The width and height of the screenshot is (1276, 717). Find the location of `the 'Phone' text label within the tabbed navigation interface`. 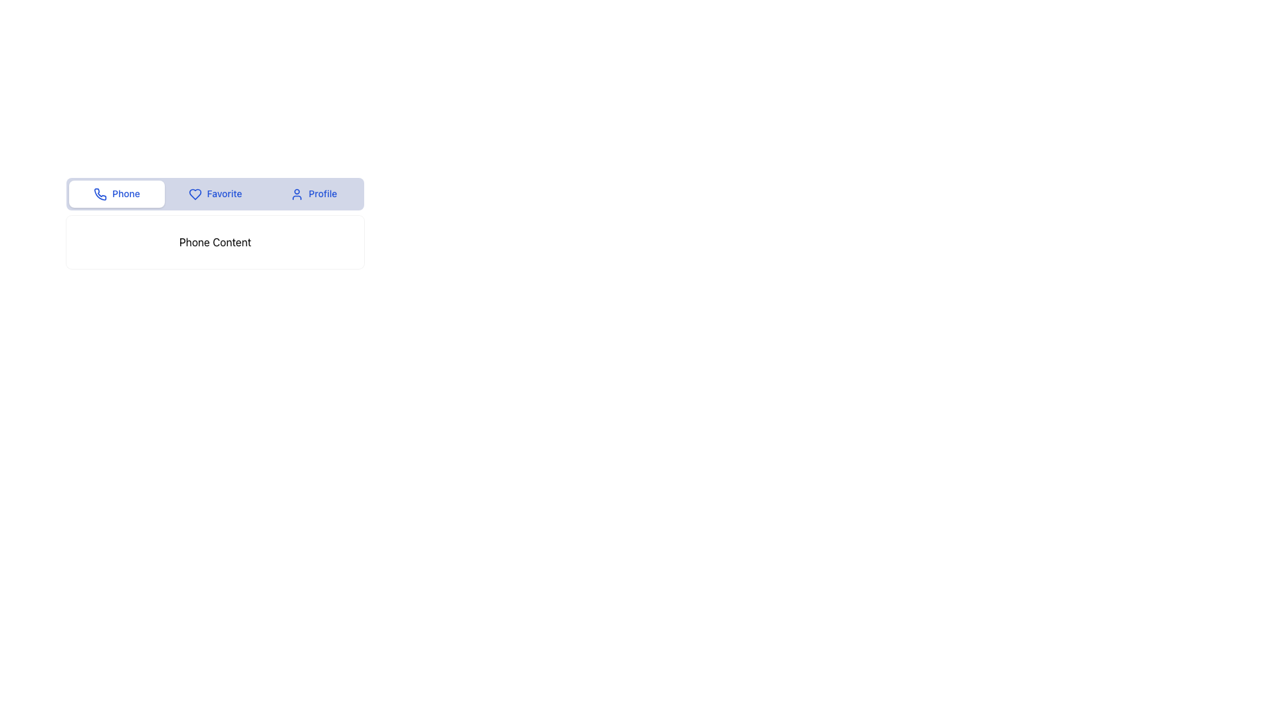

the 'Phone' text label within the tabbed navigation interface is located at coordinates (124, 193).